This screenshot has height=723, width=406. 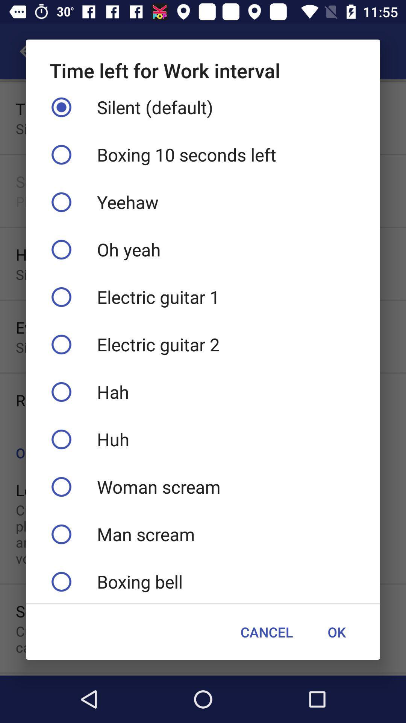 I want to click on cancel, so click(x=266, y=632).